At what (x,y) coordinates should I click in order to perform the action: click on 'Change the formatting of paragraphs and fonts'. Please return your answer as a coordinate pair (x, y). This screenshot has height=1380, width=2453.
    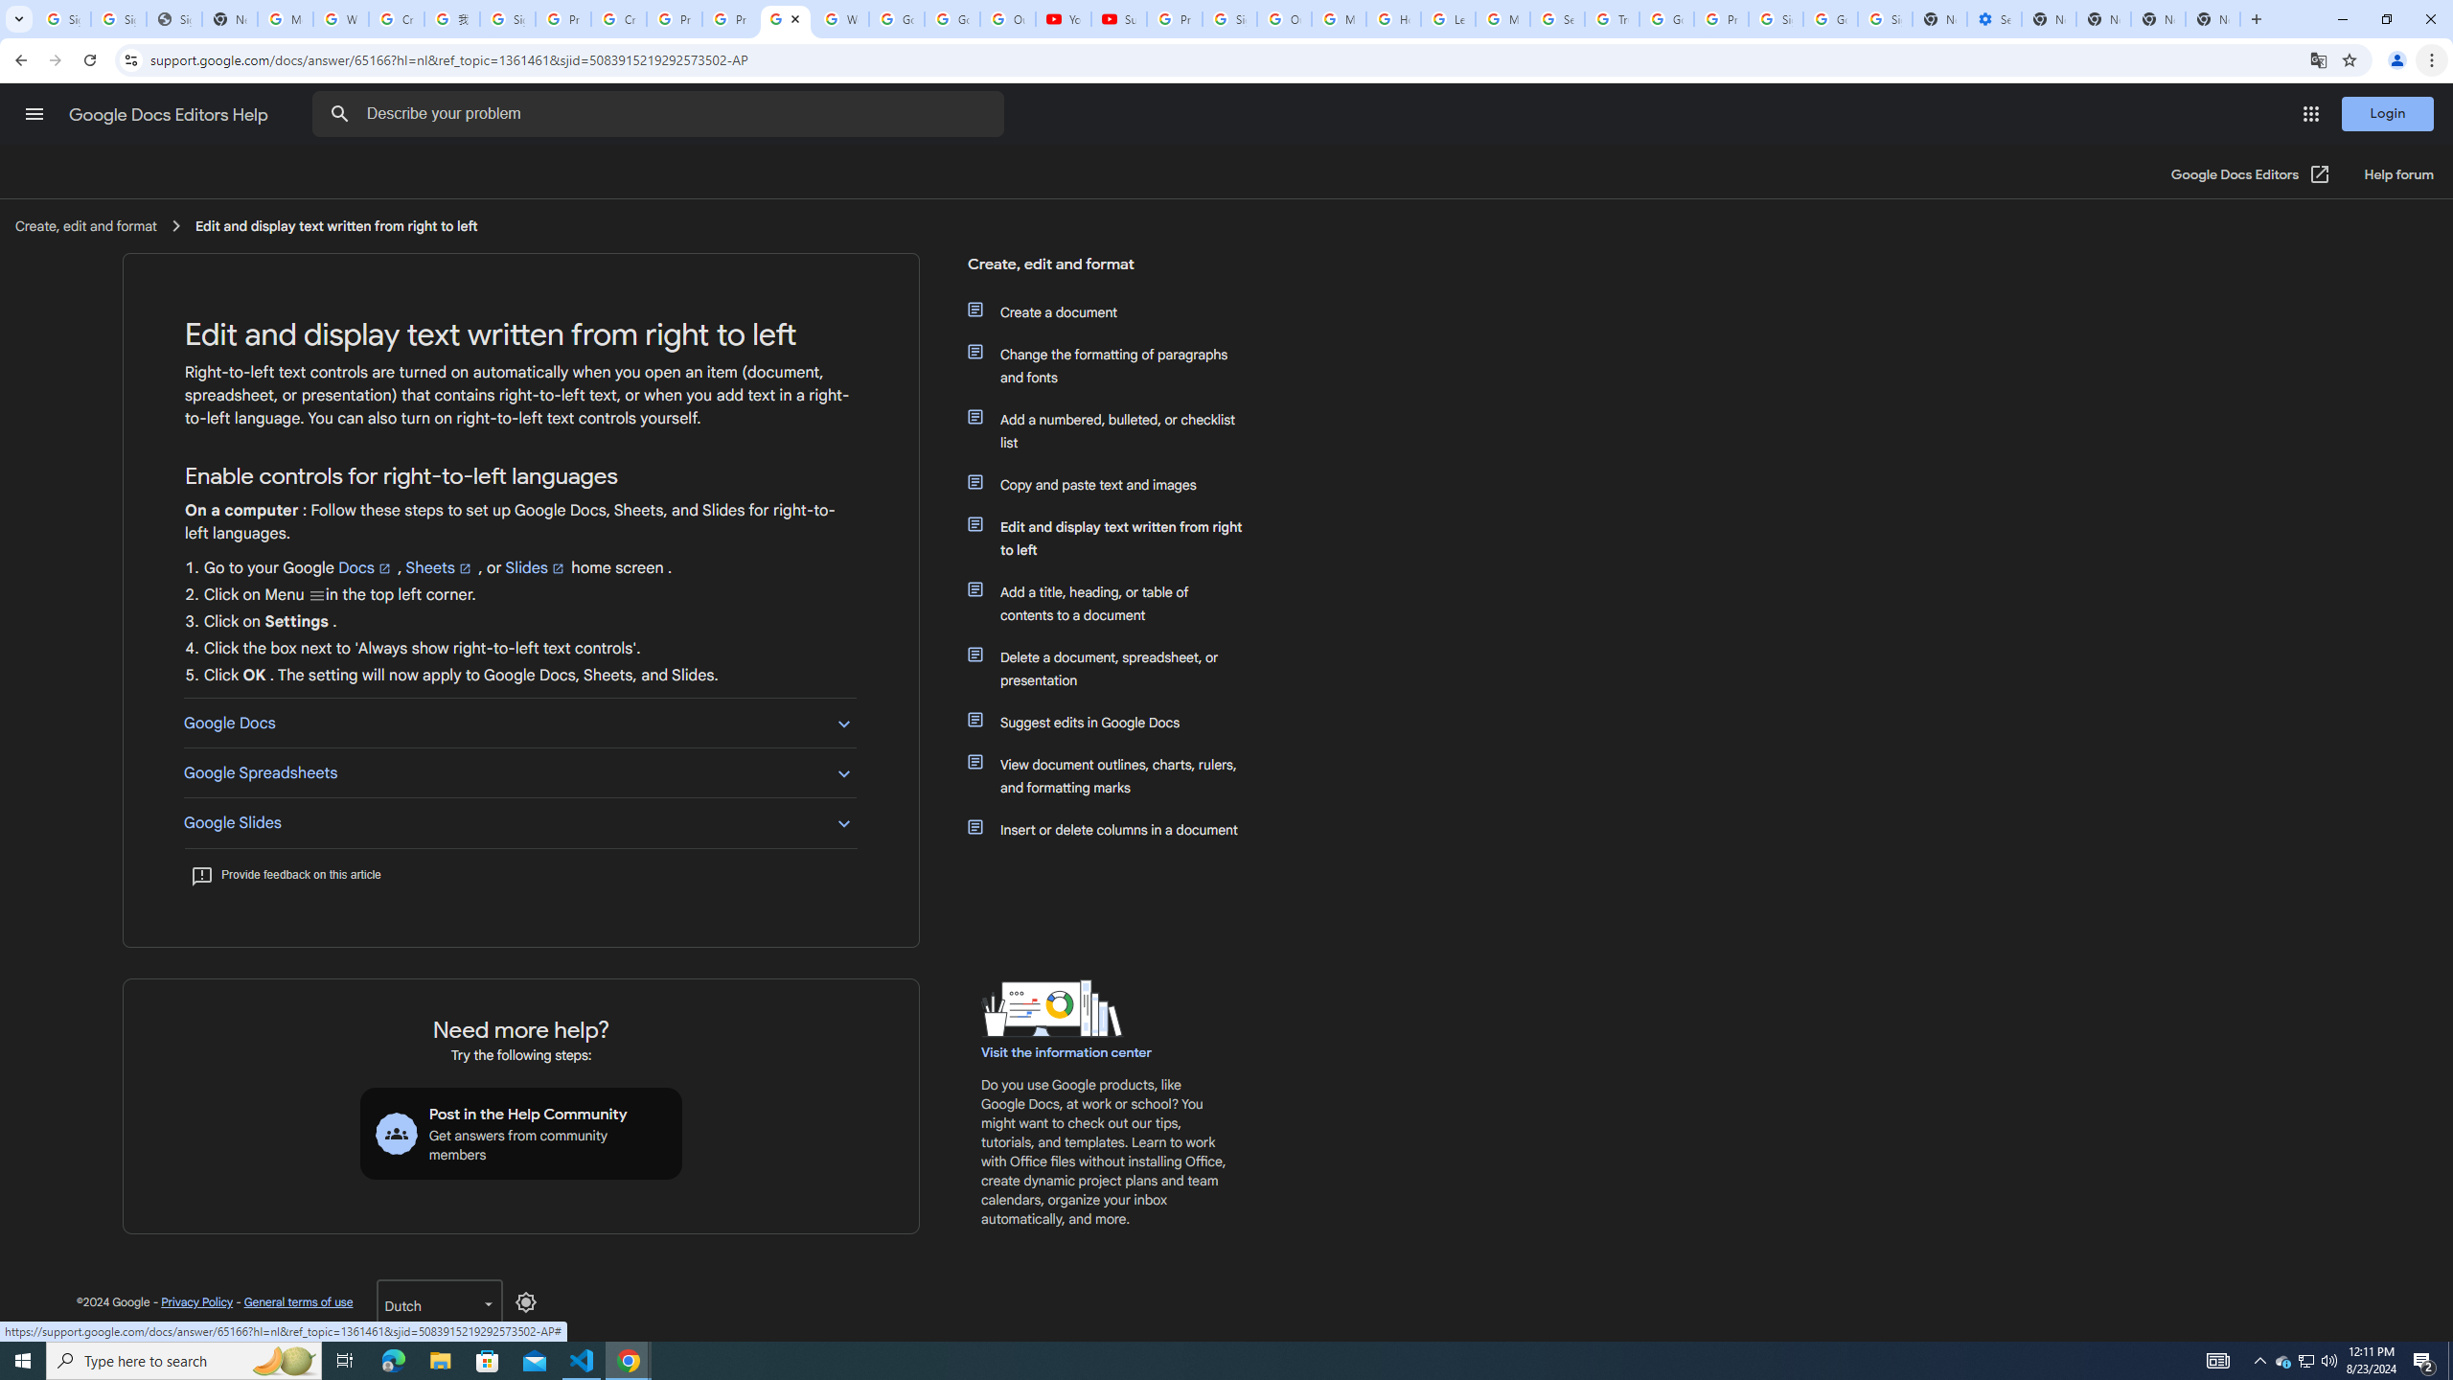
    Looking at the image, I should click on (1113, 366).